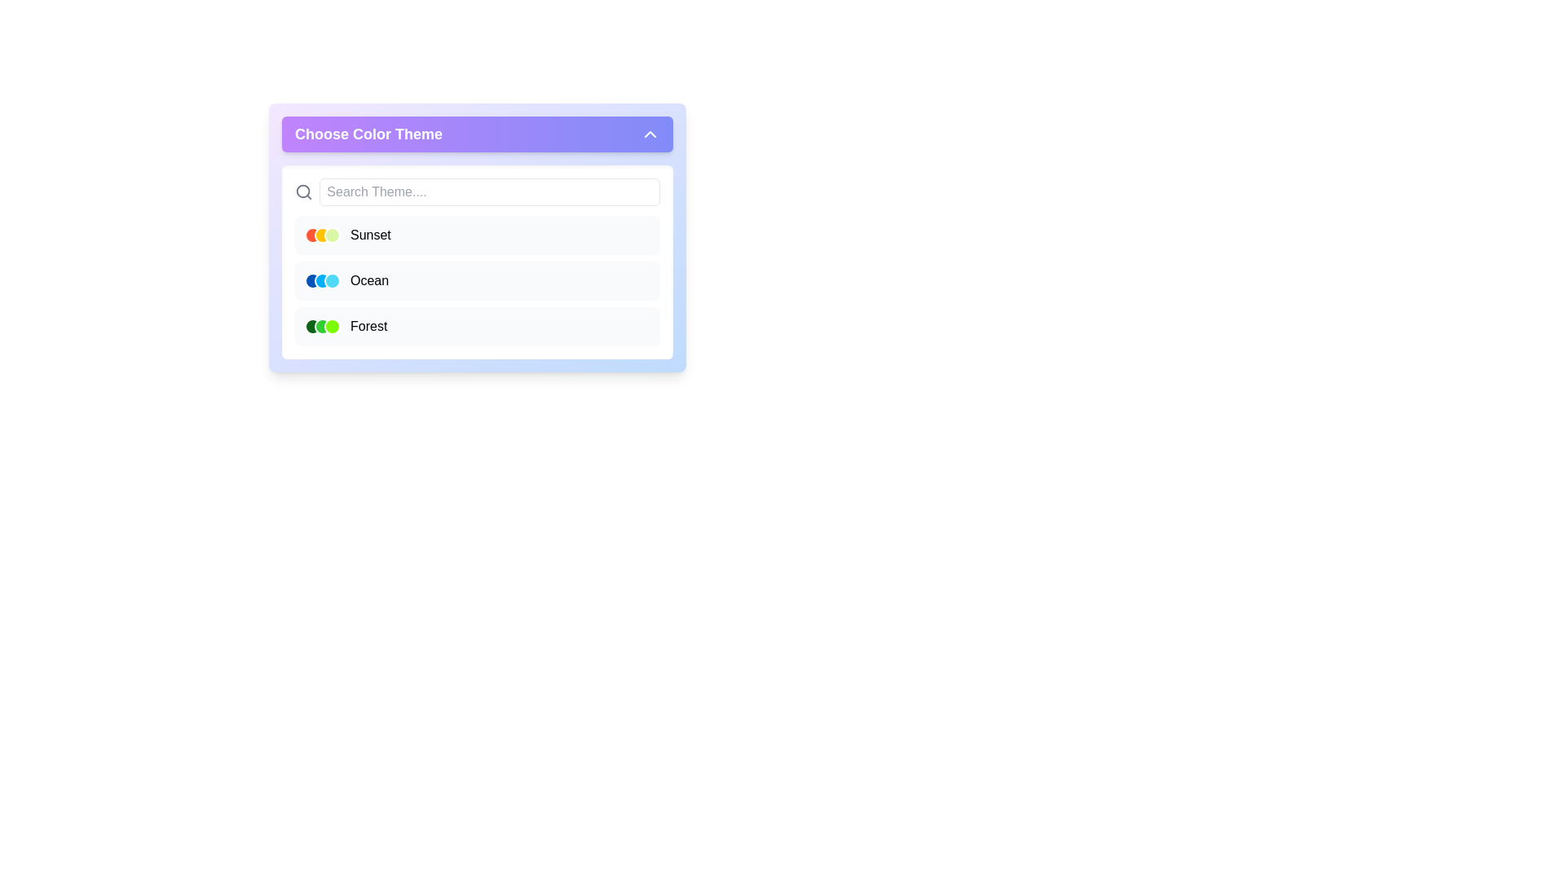 This screenshot has height=880, width=1565. What do you see at coordinates (322, 279) in the screenshot?
I see `the visual indicator button representing the 'Ocean' theme in the theme selection component for accessibility purposes` at bounding box center [322, 279].